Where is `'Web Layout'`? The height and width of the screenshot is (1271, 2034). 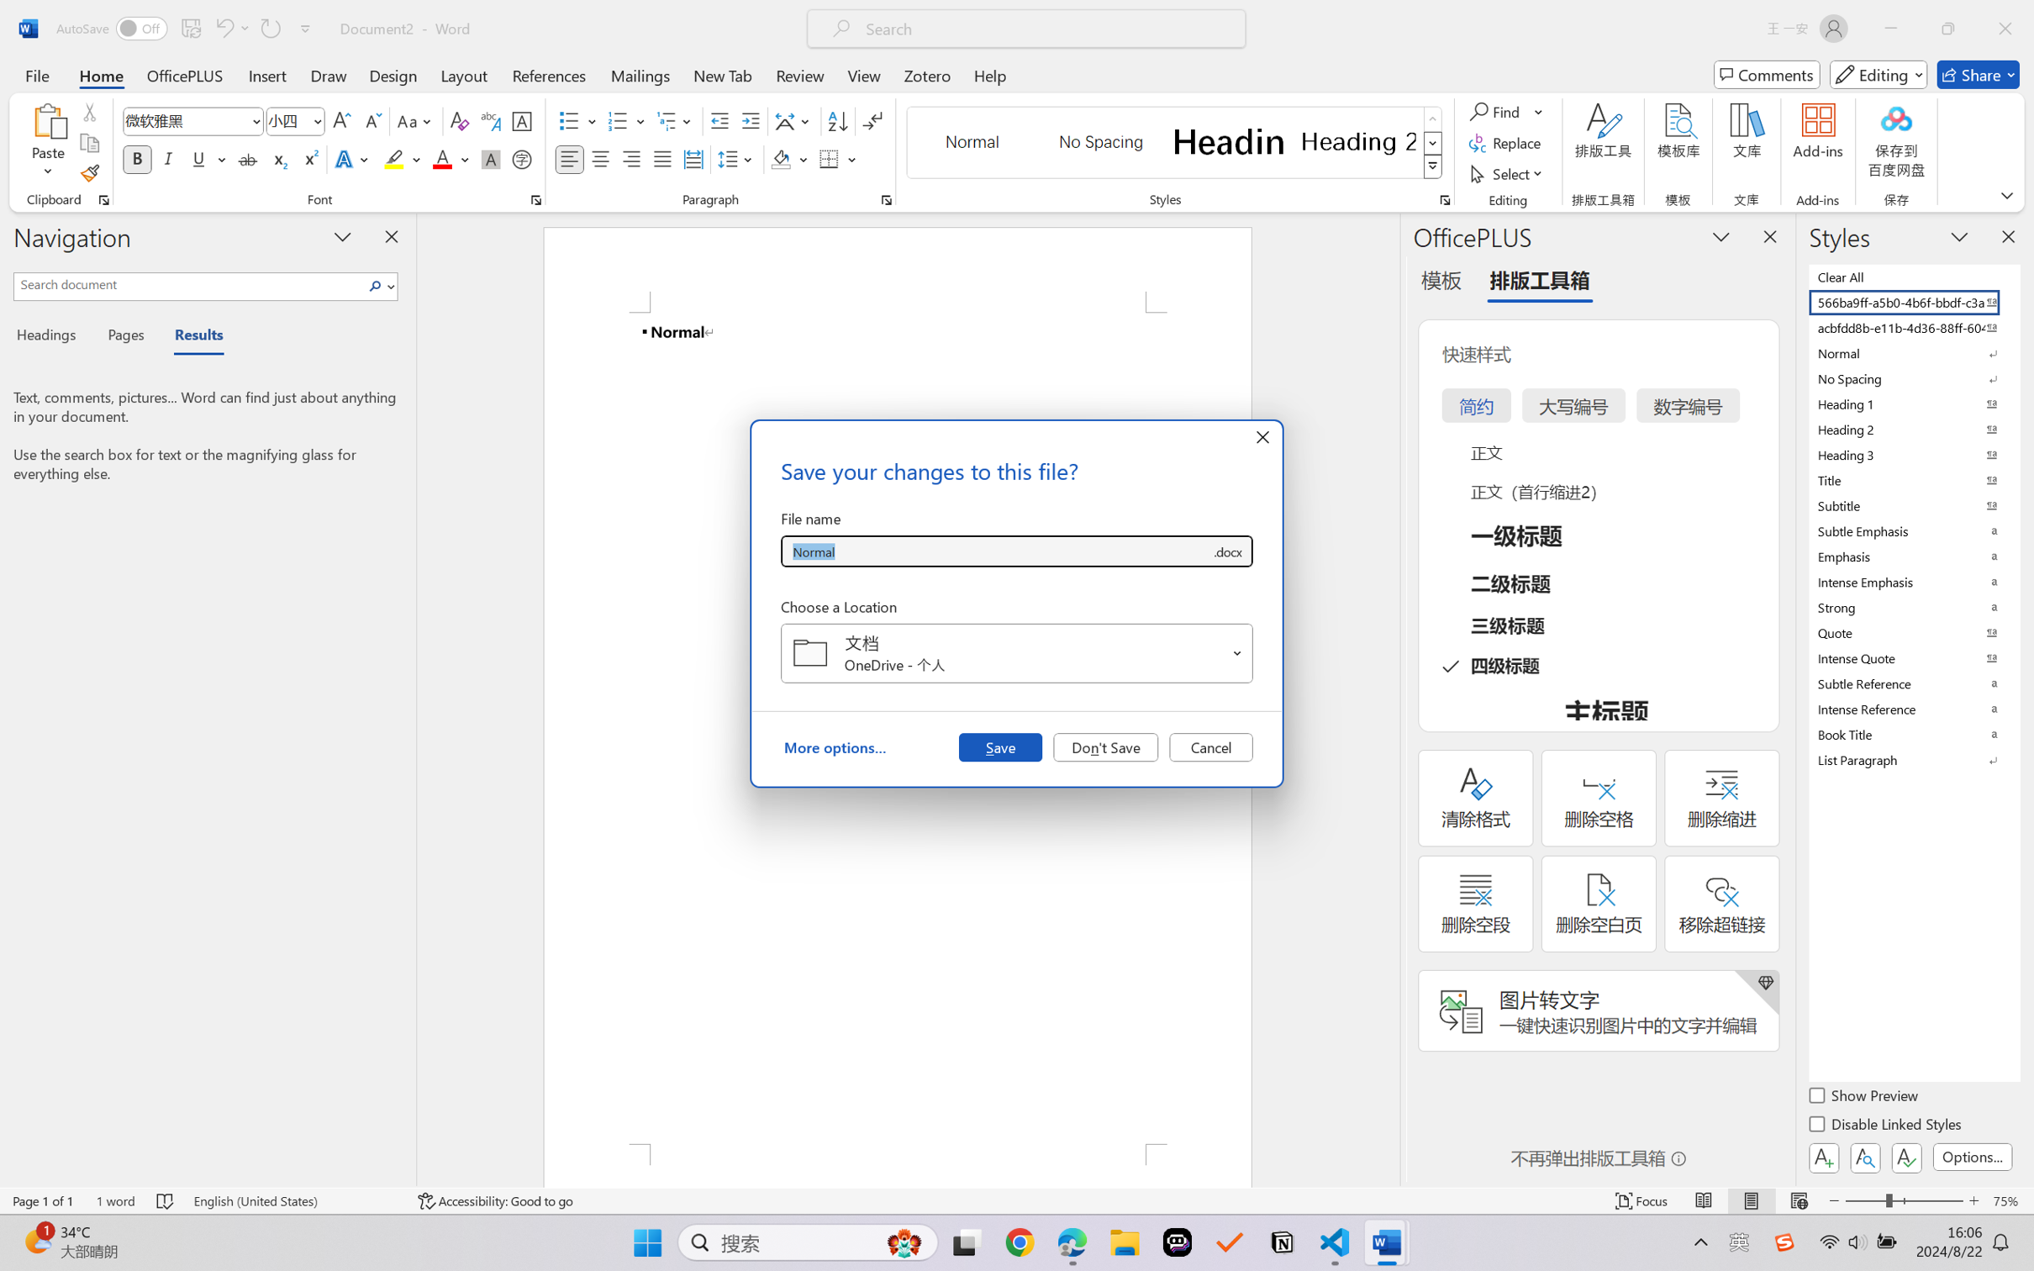 'Web Layout' is located at coordinates (1798, 1200).